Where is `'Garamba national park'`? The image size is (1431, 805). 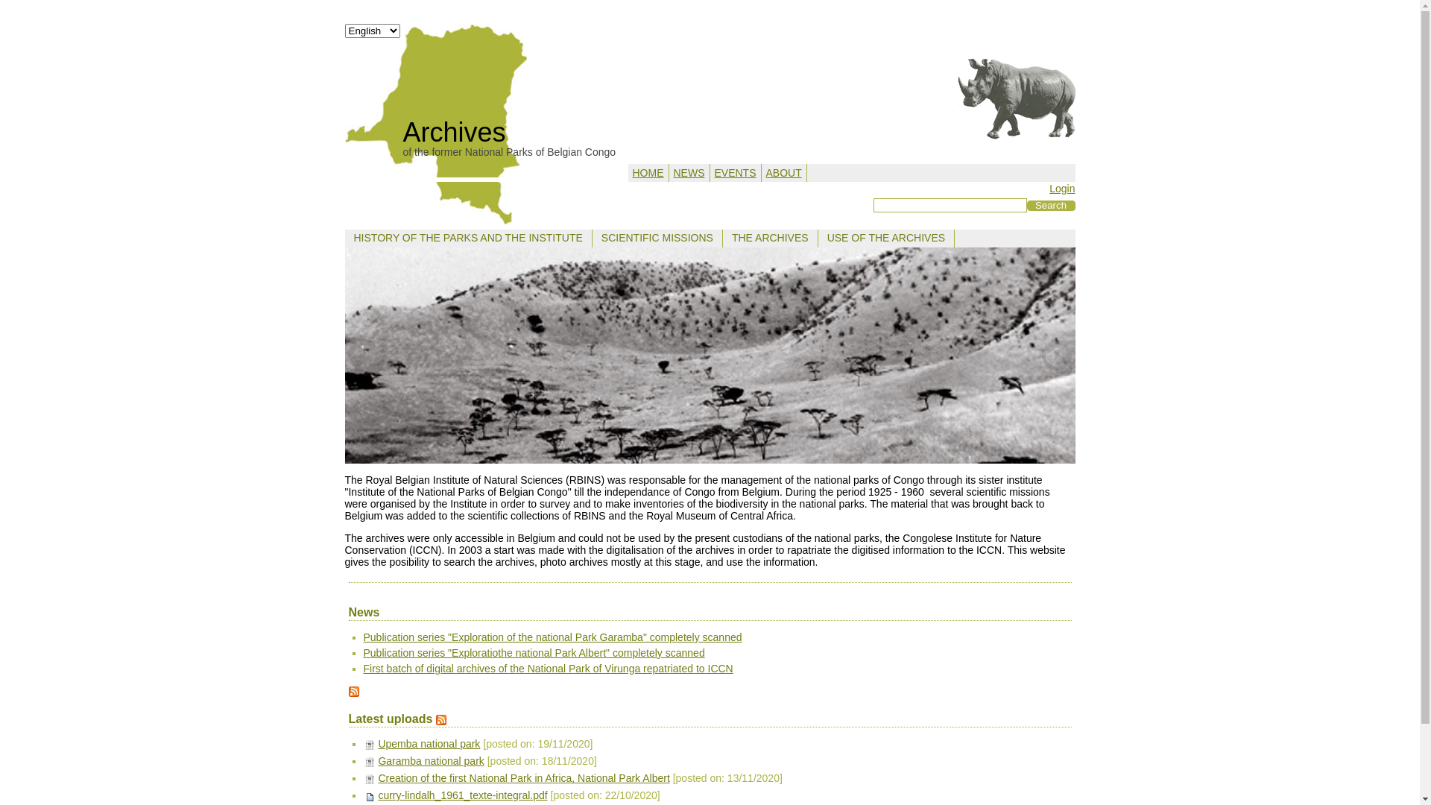 'Garamba national park' is located at coordinates (378, 761).